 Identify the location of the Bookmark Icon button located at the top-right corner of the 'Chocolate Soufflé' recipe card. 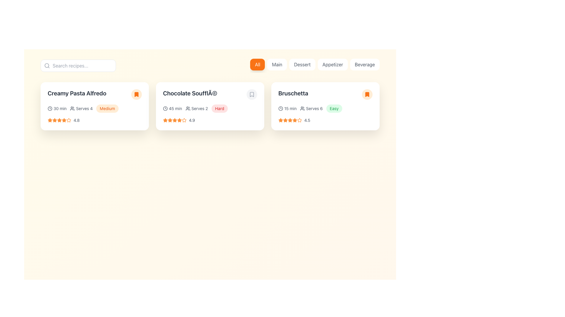
(252, 94).